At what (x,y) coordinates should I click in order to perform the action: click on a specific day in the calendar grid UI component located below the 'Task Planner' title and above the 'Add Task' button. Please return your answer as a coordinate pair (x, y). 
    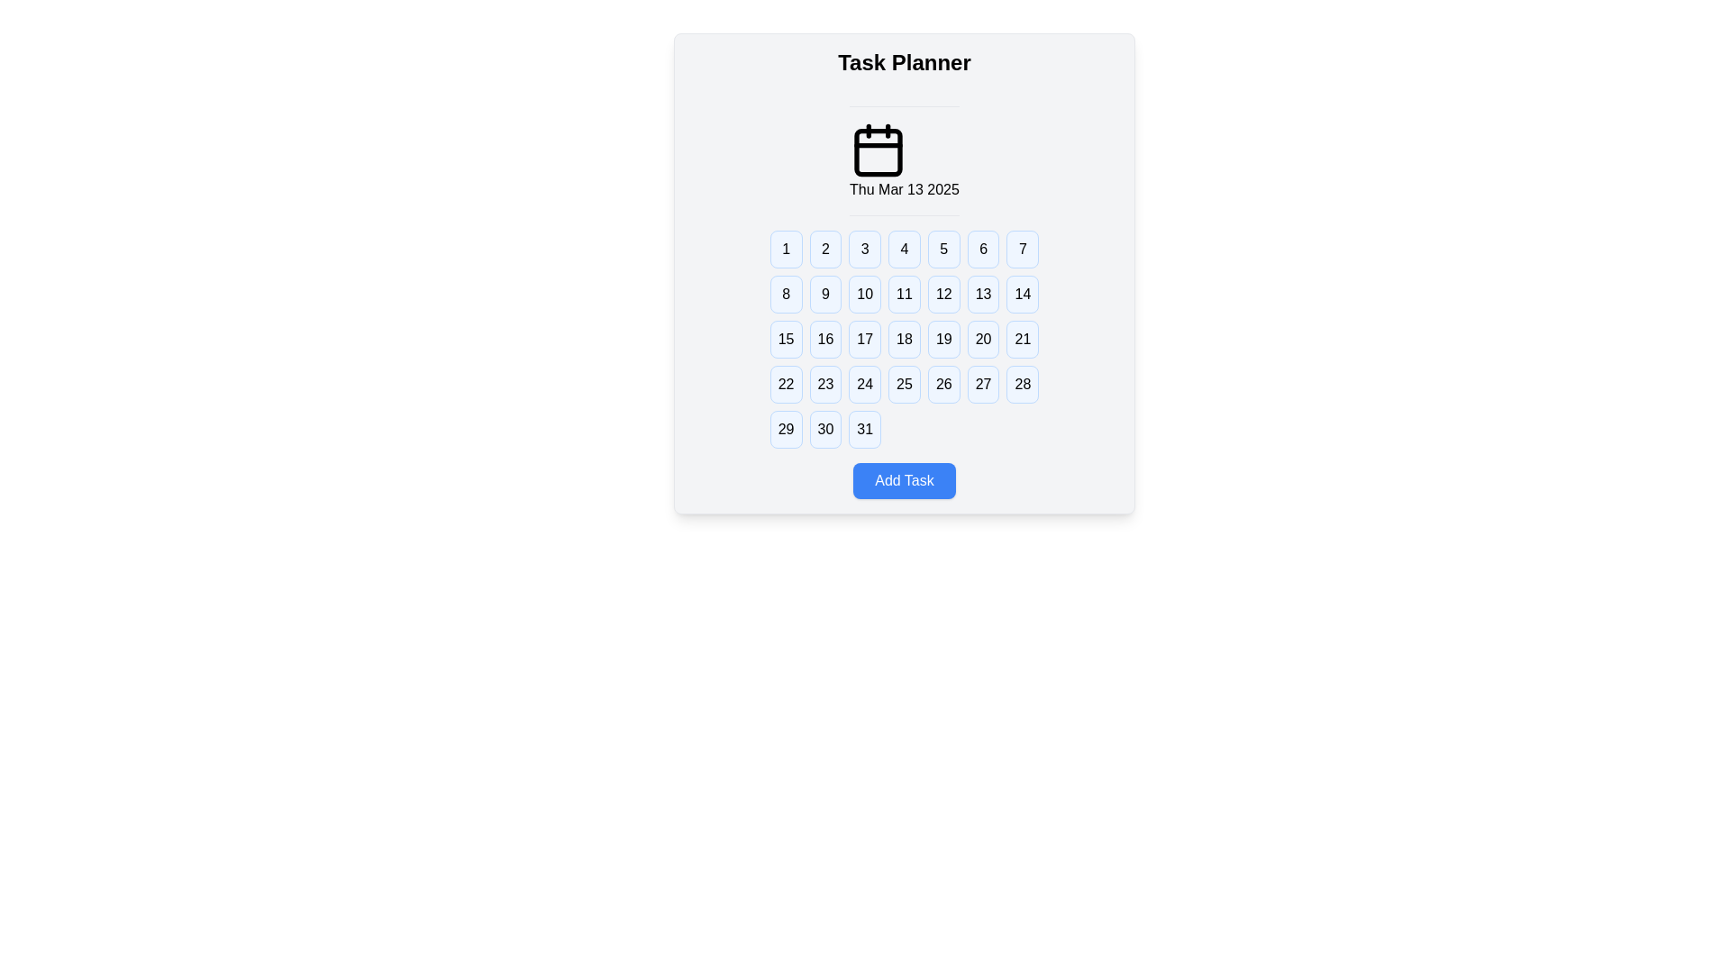
    Looking at the image, I should click on (904, 340).